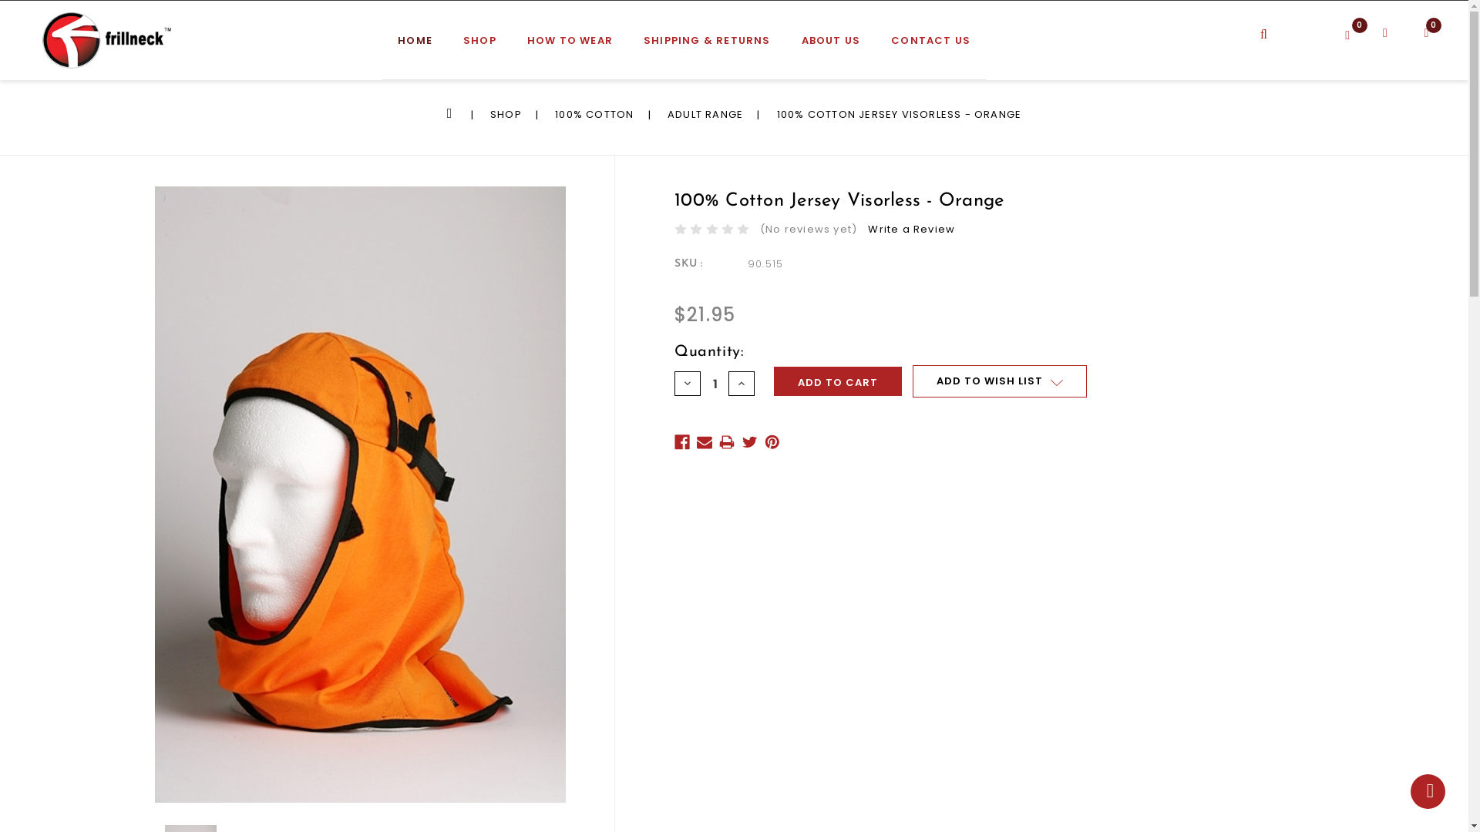 The image size is (1480, 832). What do you see at coordinates (415, 46) in the screenshot?
I see `'HOME'` at bounding box center [415, 46].